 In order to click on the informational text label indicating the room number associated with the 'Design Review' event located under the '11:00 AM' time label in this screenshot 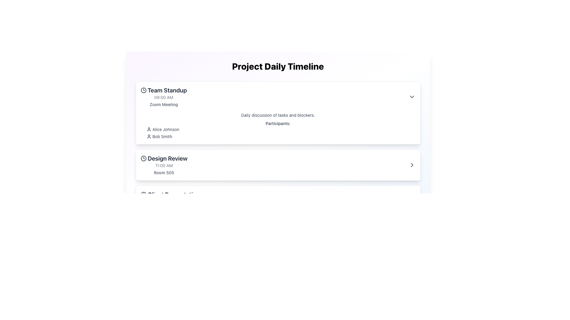, I will do `click(164, 172)`.